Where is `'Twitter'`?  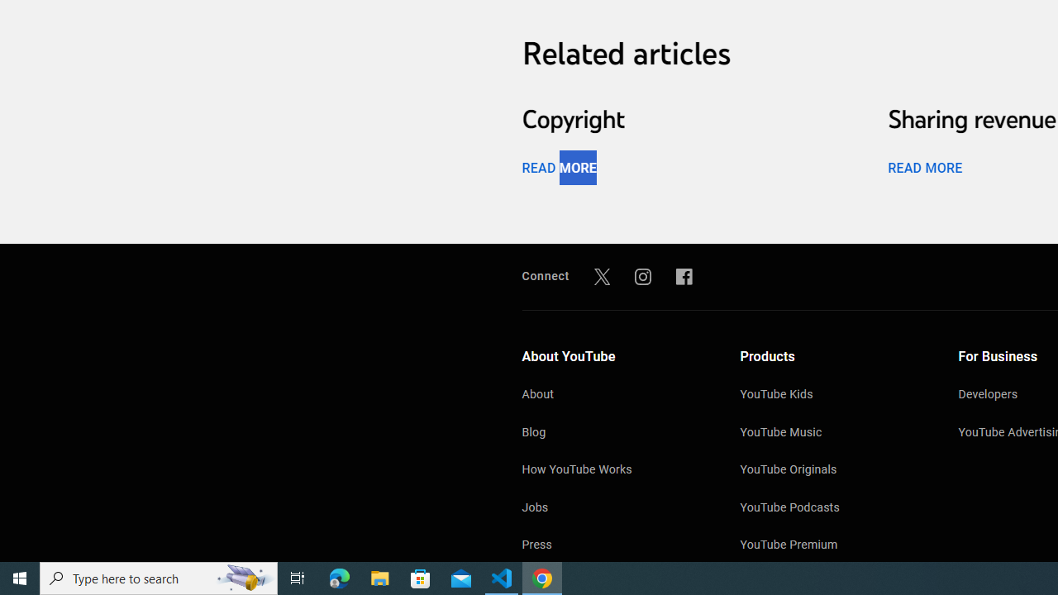 'Twitter' is located at coordinates (601, 275).